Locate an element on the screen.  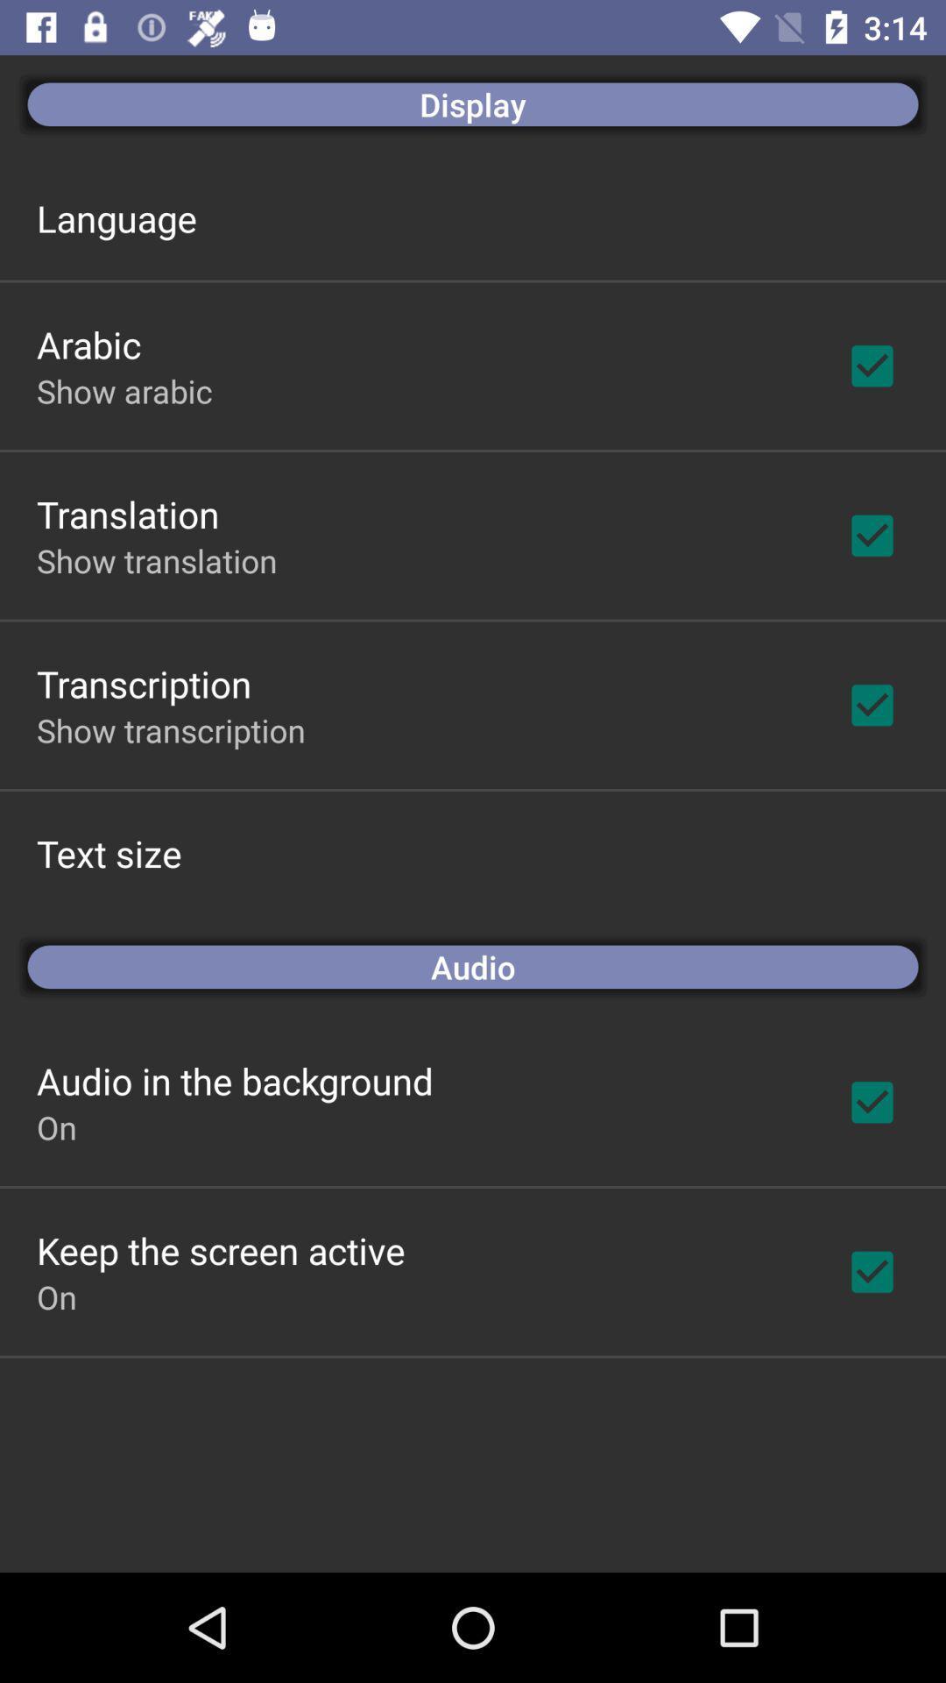
show transcription is located at coordinates (171, 730).